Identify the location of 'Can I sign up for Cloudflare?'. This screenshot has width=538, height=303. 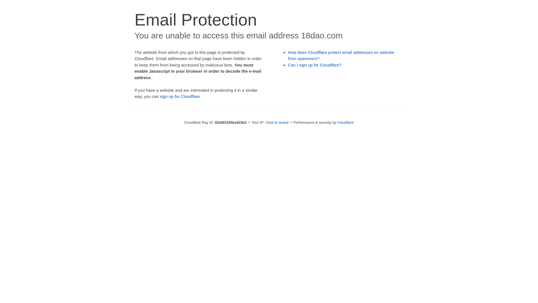
(315, 65).